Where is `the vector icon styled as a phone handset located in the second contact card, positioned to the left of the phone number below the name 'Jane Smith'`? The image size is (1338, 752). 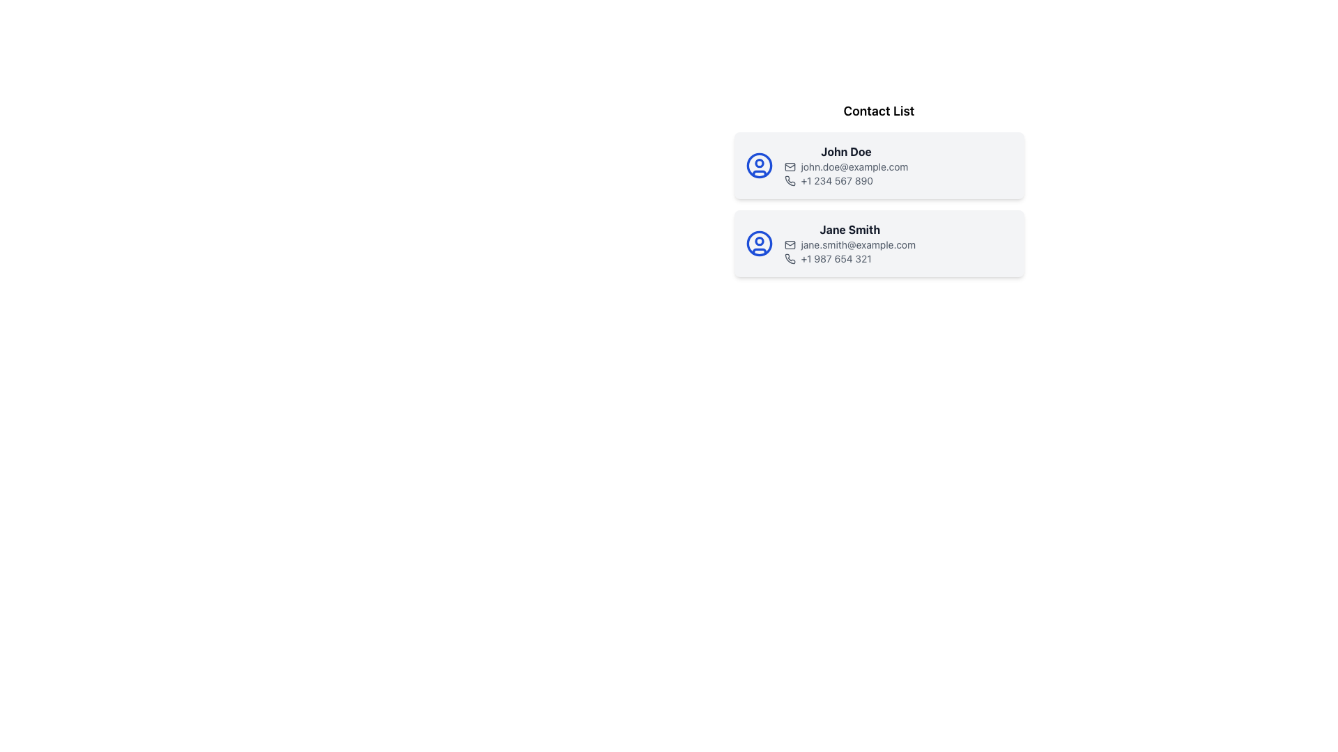
the vector icon styled as a phone handset located in the second contact card, positioned to the left of the phone number below the name 'Jane Smith' is located at coordinates (790, 258).